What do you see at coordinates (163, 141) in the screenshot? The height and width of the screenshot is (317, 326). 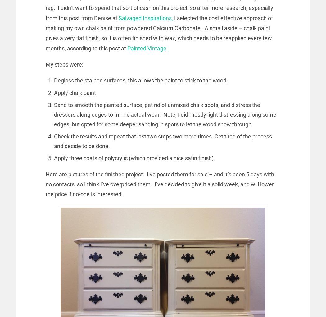 I see `'Check the results and repeat that last two steps two more times. Get tired of the process and decide to be done.'` at bounding box center [163, 141].